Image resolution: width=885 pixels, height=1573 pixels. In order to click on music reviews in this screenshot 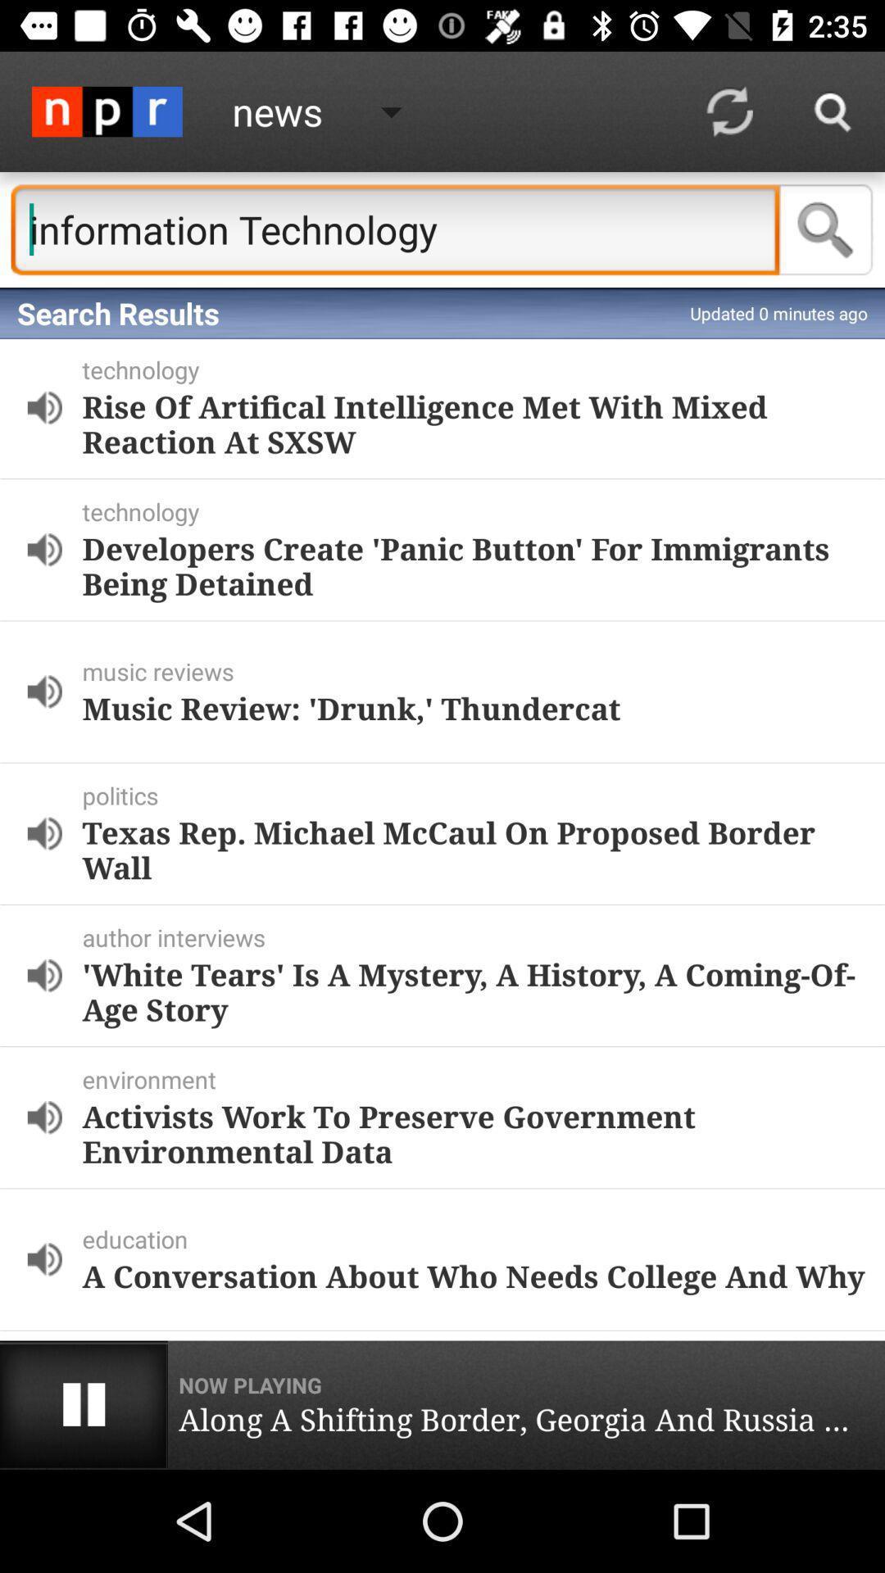, I will do `click(479, 671)`.